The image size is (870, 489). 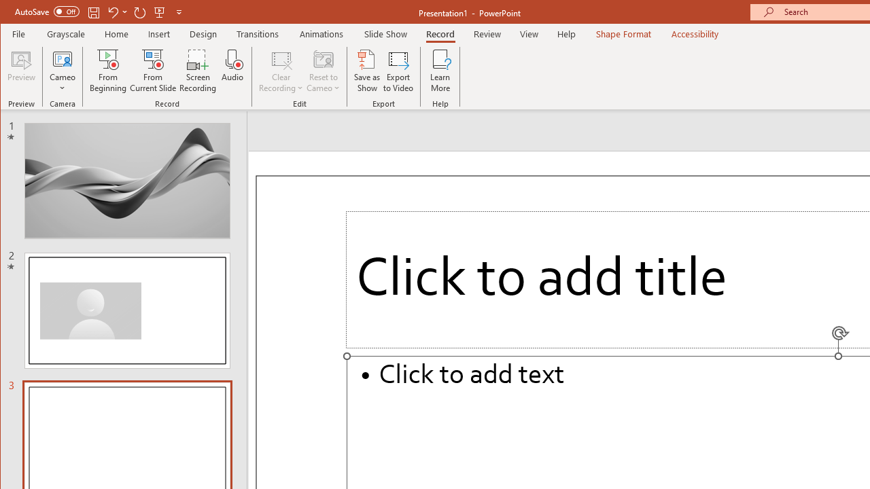 I want to click on 'Clear Recording', so click(x=281, y=71).